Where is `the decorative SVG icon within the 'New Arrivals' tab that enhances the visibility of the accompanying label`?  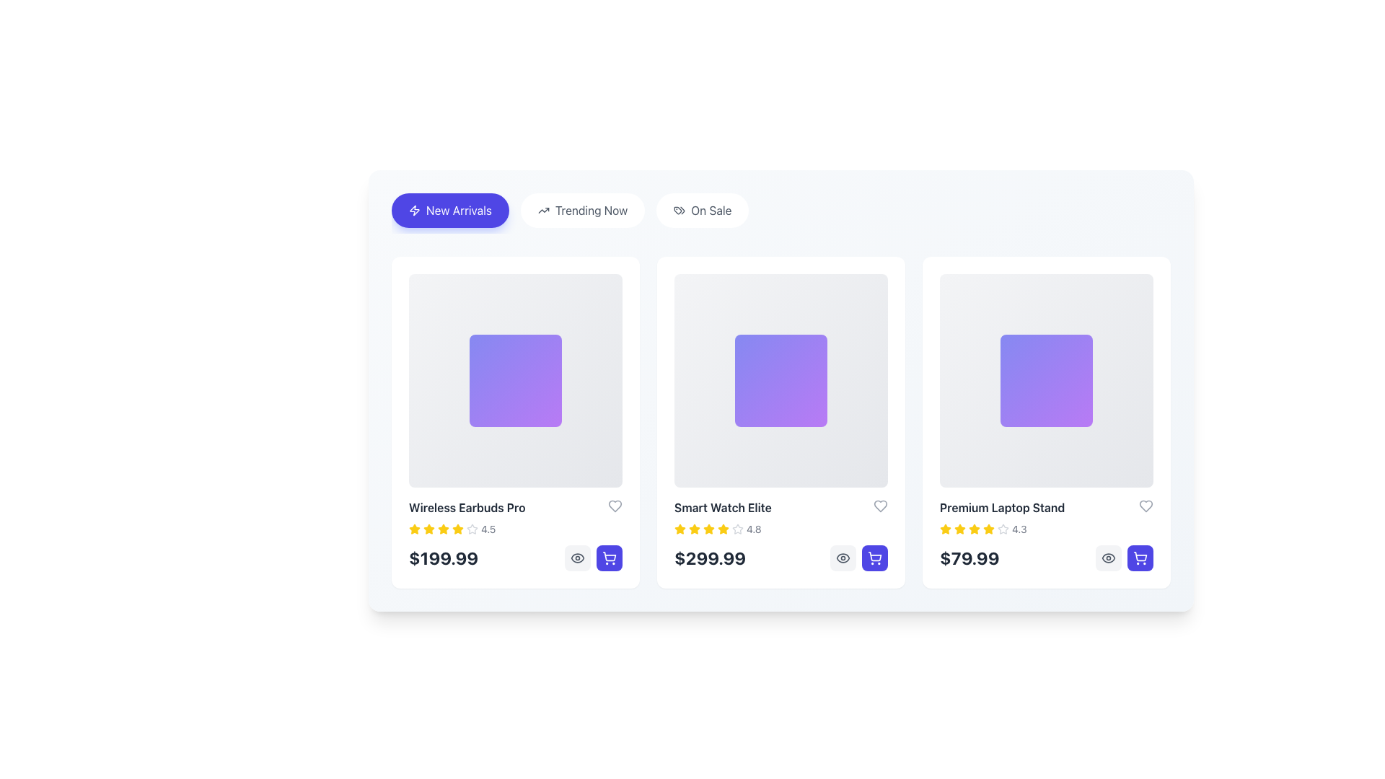 the decorative SVG icon within the 'New Arrivals' tab that enhances the visibility of the accompanying label is located at coordinates (414, 211).